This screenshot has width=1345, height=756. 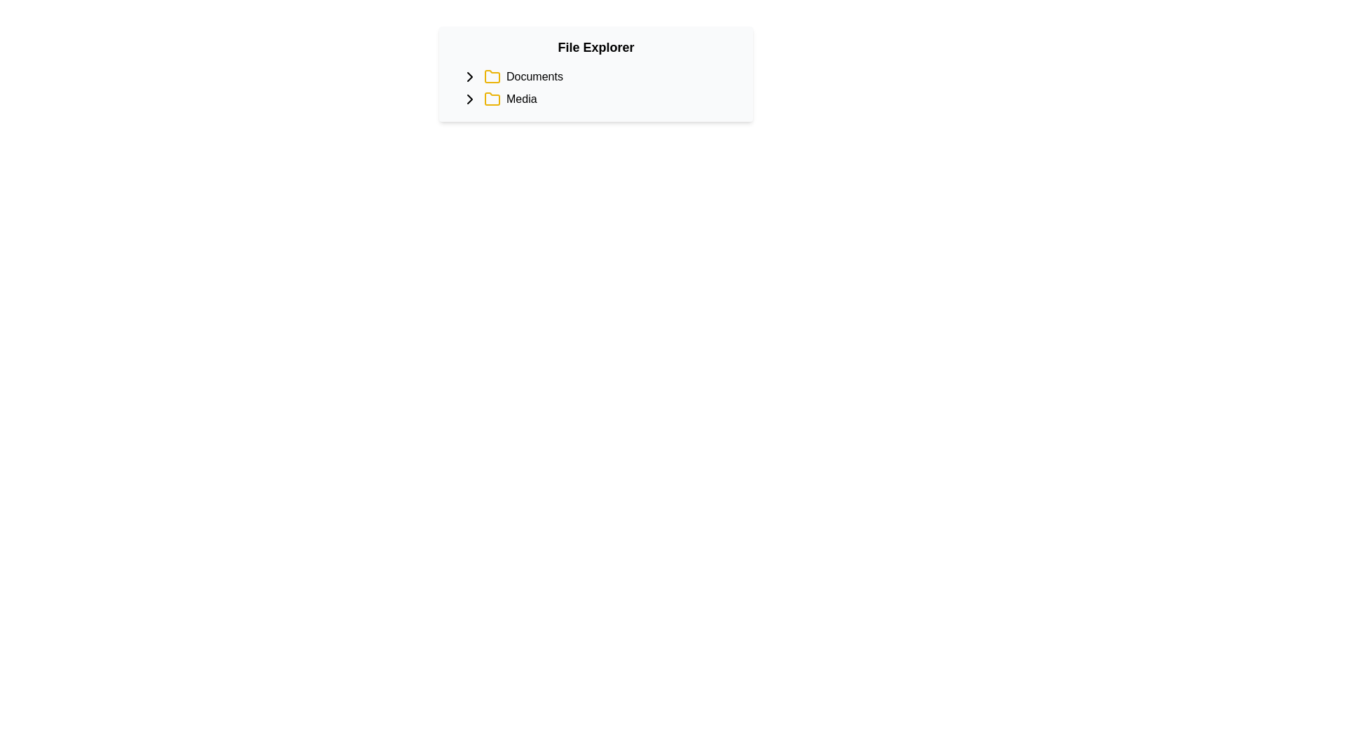 I want to click on the right-facing chevron icon located to the left of the 'Media' label, so click(x=470, y=99).